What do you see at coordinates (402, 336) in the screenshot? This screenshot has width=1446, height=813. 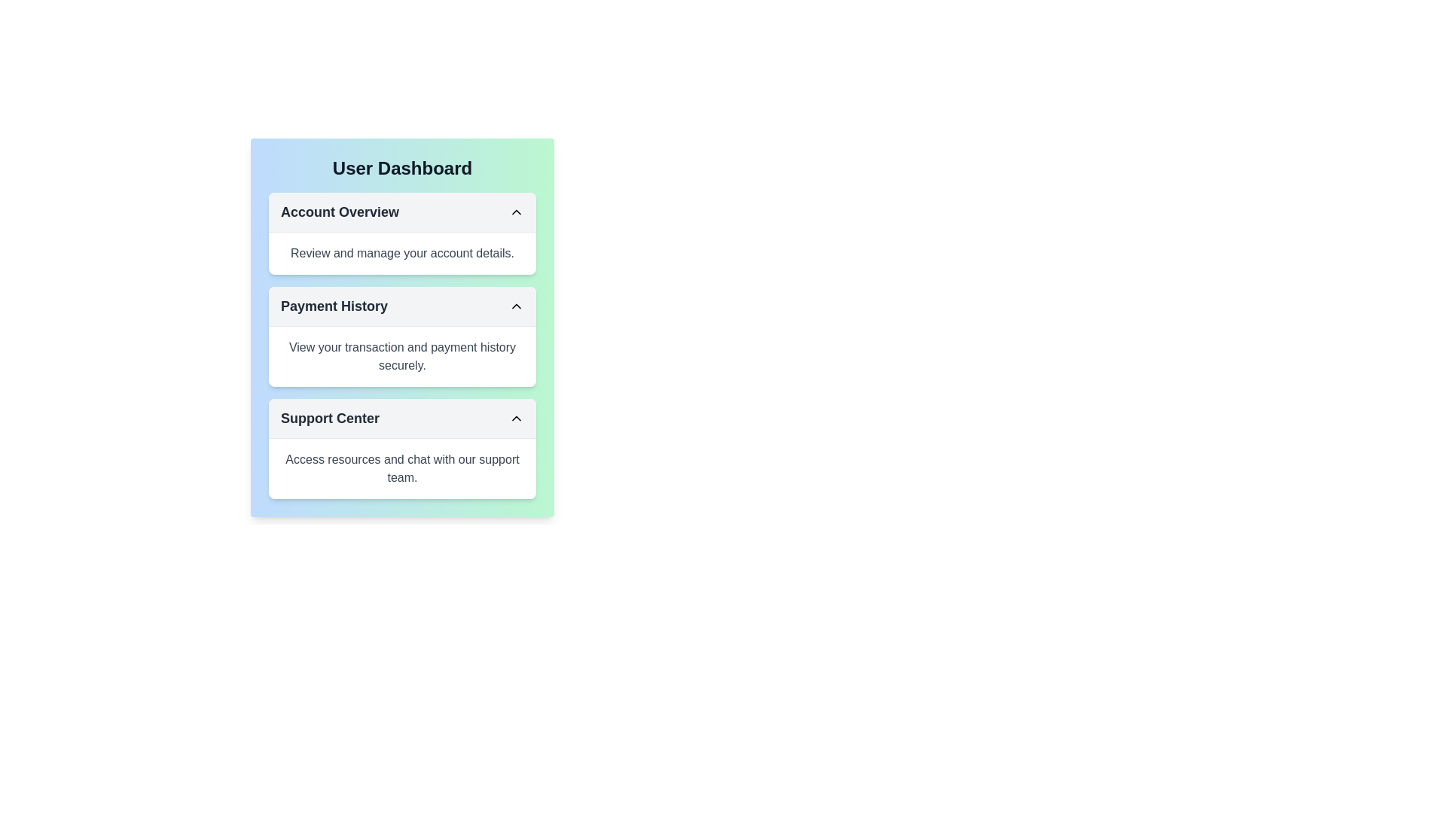 I see `the 'Payment History' informational card to focus or select it, which is the second card in the list, featuring a chevron icon for expanding or collapsing content` at bounding box center [402, 336].